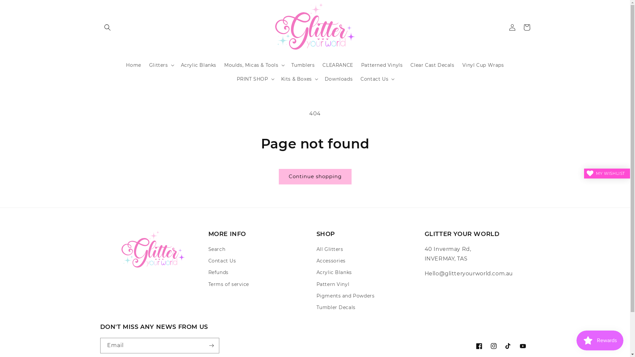 This screenshot has height=357, width=635. What do you see at coordinates (278, 176) in the screenshot?
I see `'Continue shopping'` at bounding box center [278, 176].